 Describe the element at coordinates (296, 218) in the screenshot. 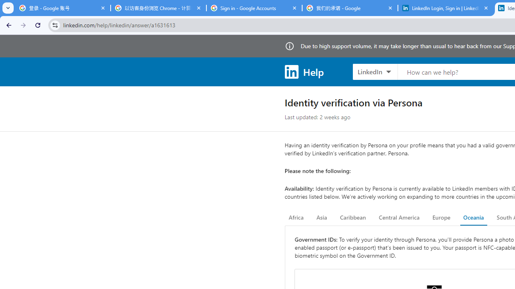

I see `'Africa'` at that location.